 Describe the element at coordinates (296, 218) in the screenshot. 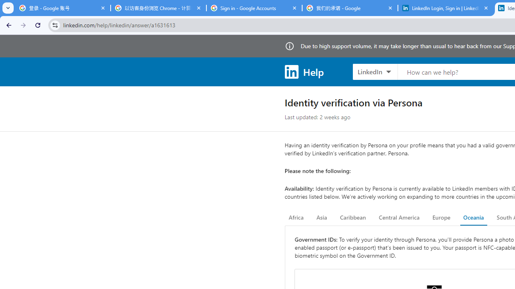

I see `'Africa'` at that location.